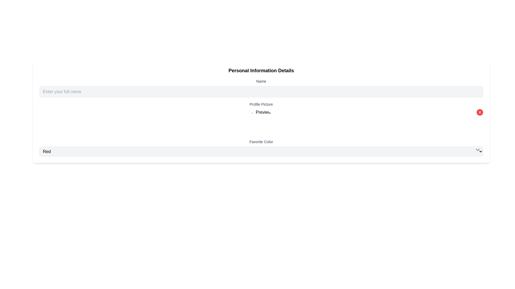  Describe the element at coordinates (261, 104) in the screenshot. I see `the label indicating the user's profile picture, which is centrally aligned above the image preview section and below the 'Name' input field` at that location.